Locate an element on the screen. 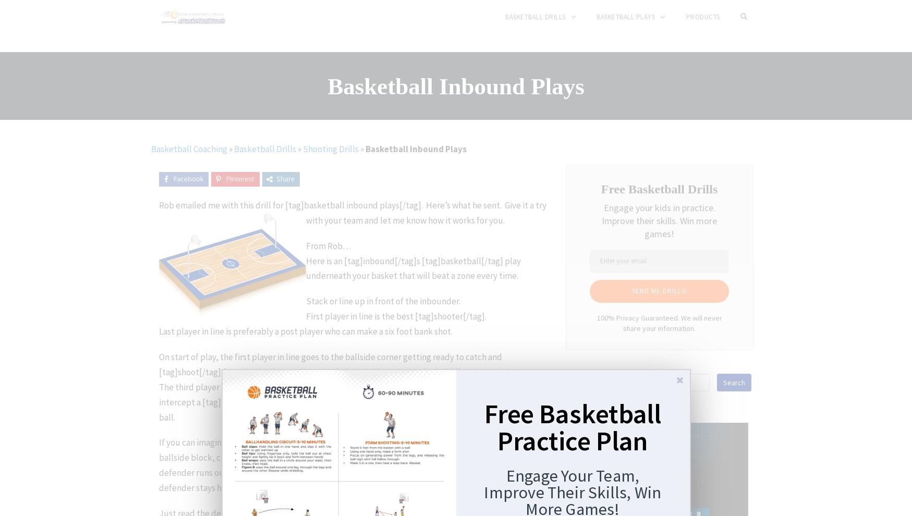  'Engage your kids in practice. Improve their skills. Win more games!' is located at coordinates (601, 220).